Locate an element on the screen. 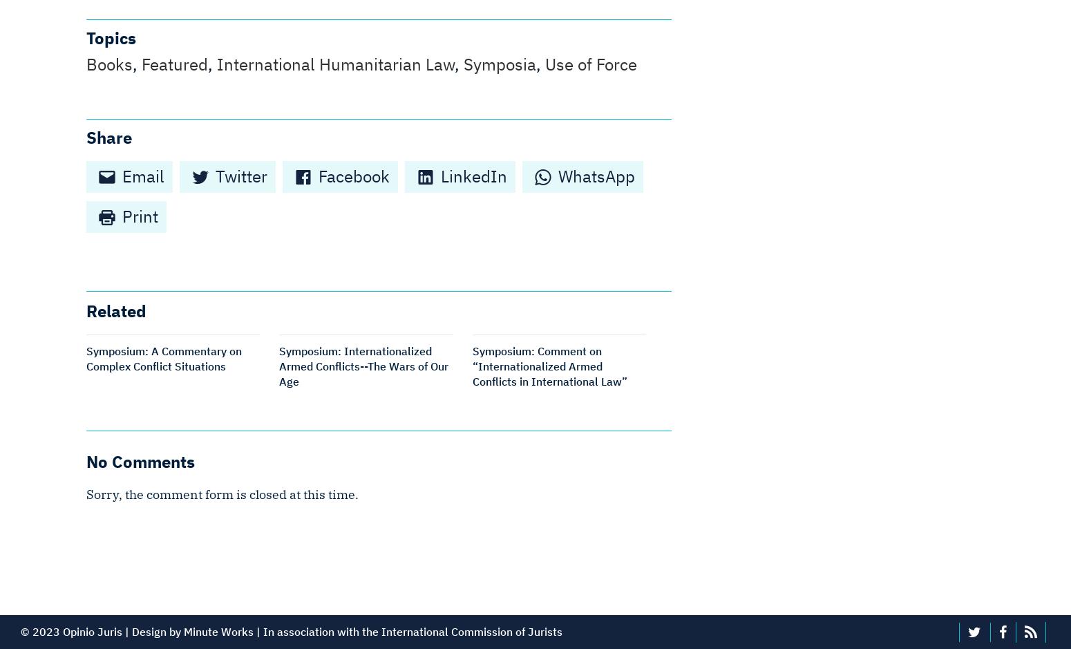 The width and height of the screenshot is (1071, 649). 'Twitter' is located at coordinates (215, 176).